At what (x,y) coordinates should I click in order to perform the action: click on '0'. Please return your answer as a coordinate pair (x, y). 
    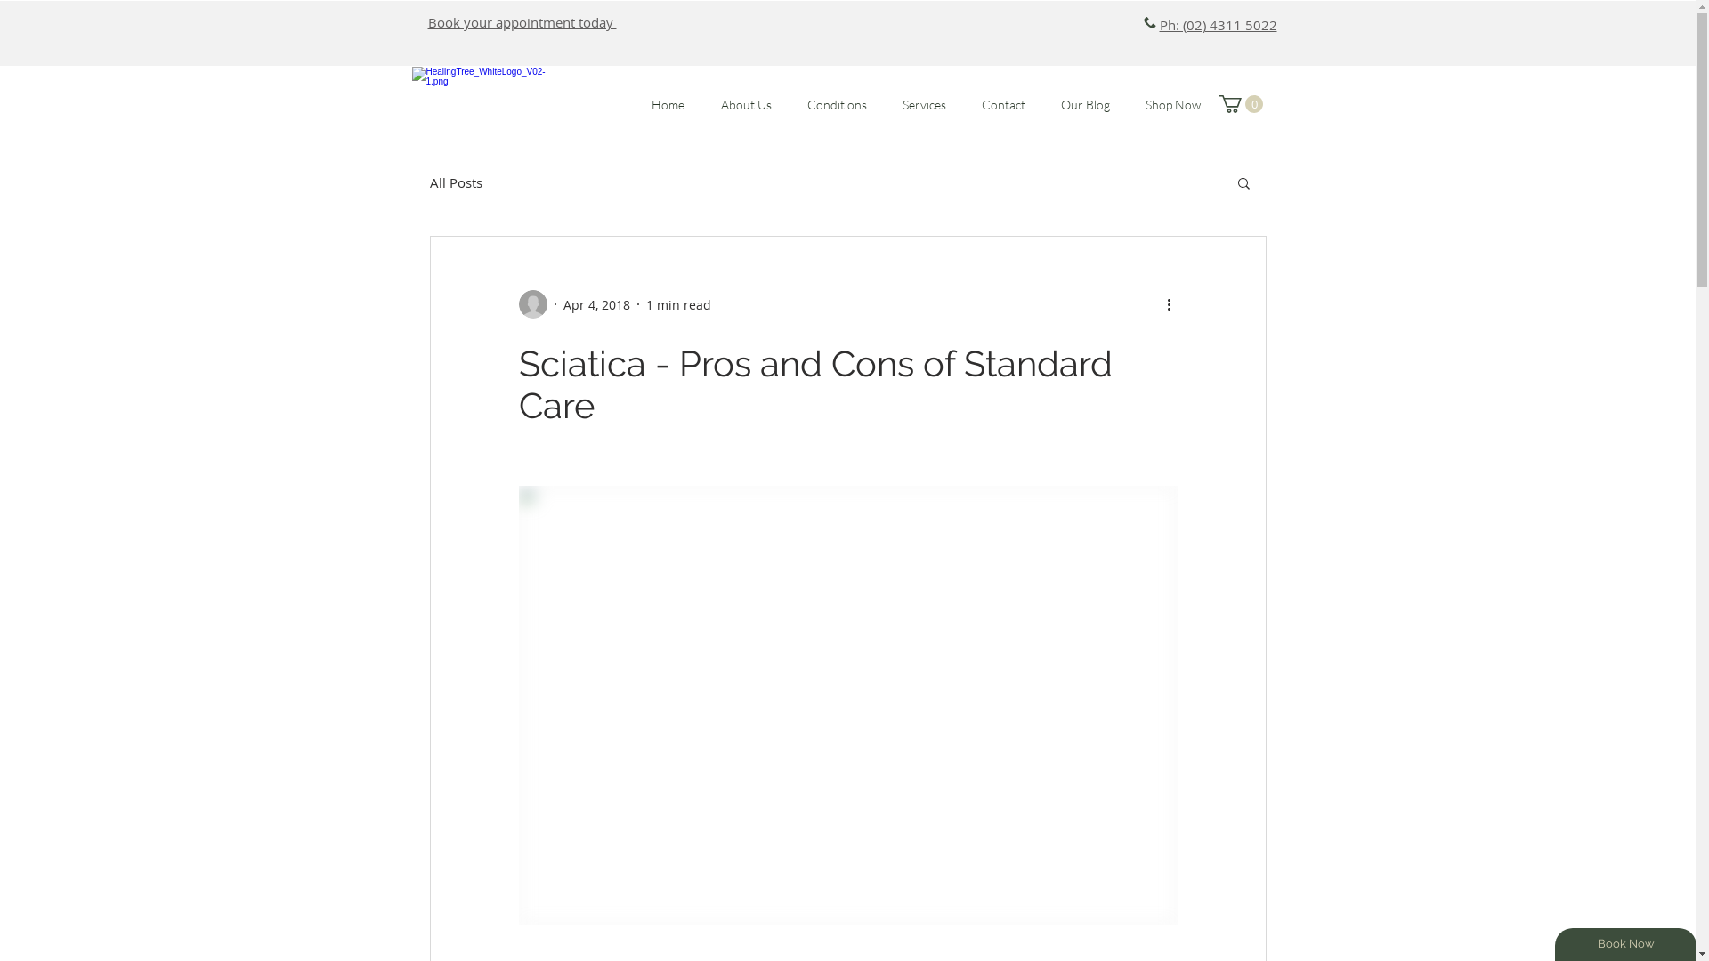
    Looking at the image, I should click on (1240, 103).